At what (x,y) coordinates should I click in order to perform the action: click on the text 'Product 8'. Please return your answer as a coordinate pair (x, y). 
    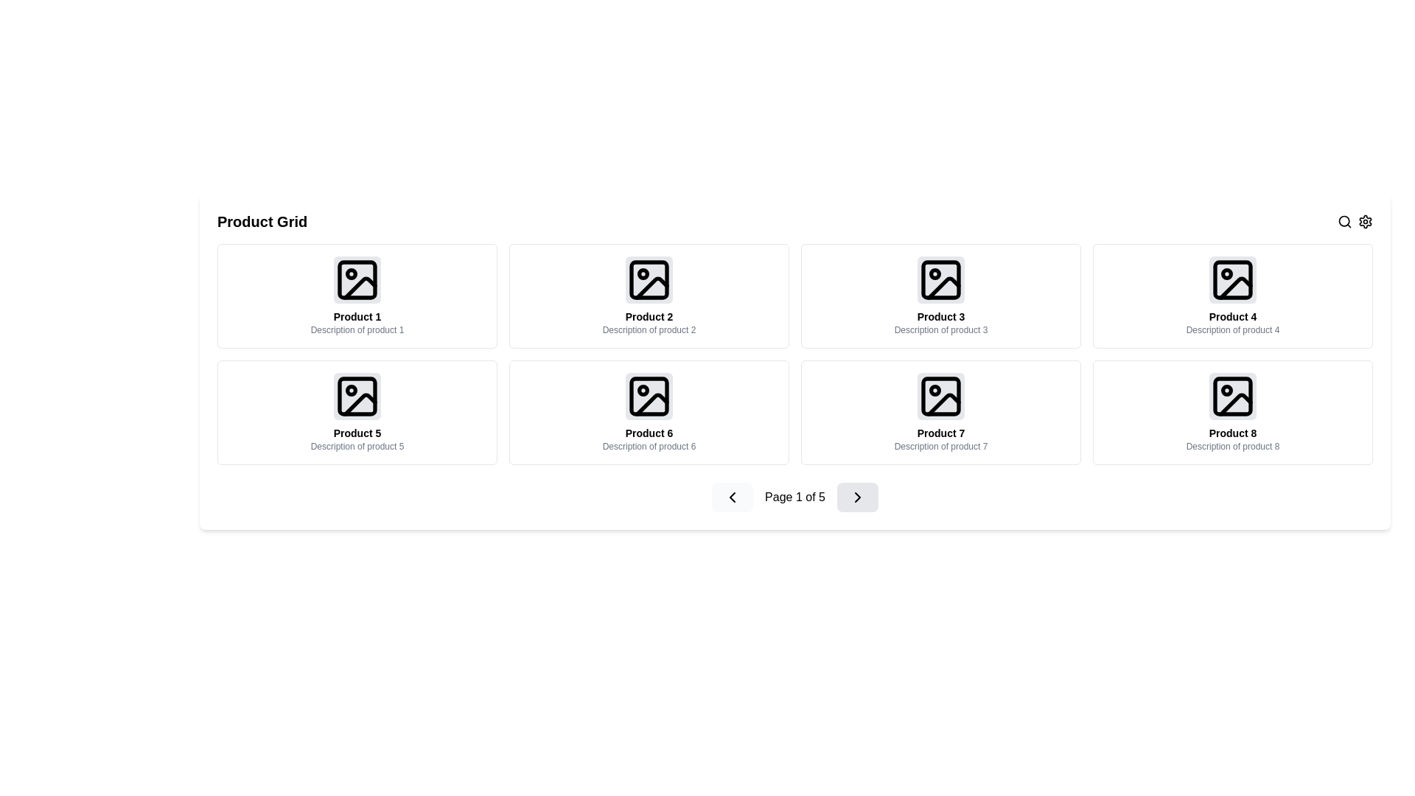
    Looking at the image, I should click on (1233, 432).